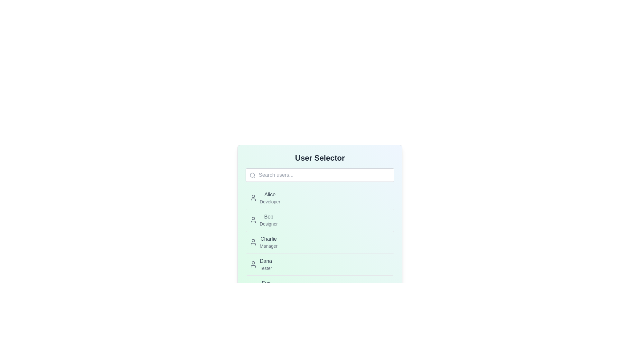 This screenshot has height=347, width=618. What do you see at coordinates (269, 217) in the screenshot?
I see `text label indicating the name of the user in the second entry of the user list, located next to the label 'Designer' and below the 'Alice - Developer' entry` at bounding box center [269, 217].